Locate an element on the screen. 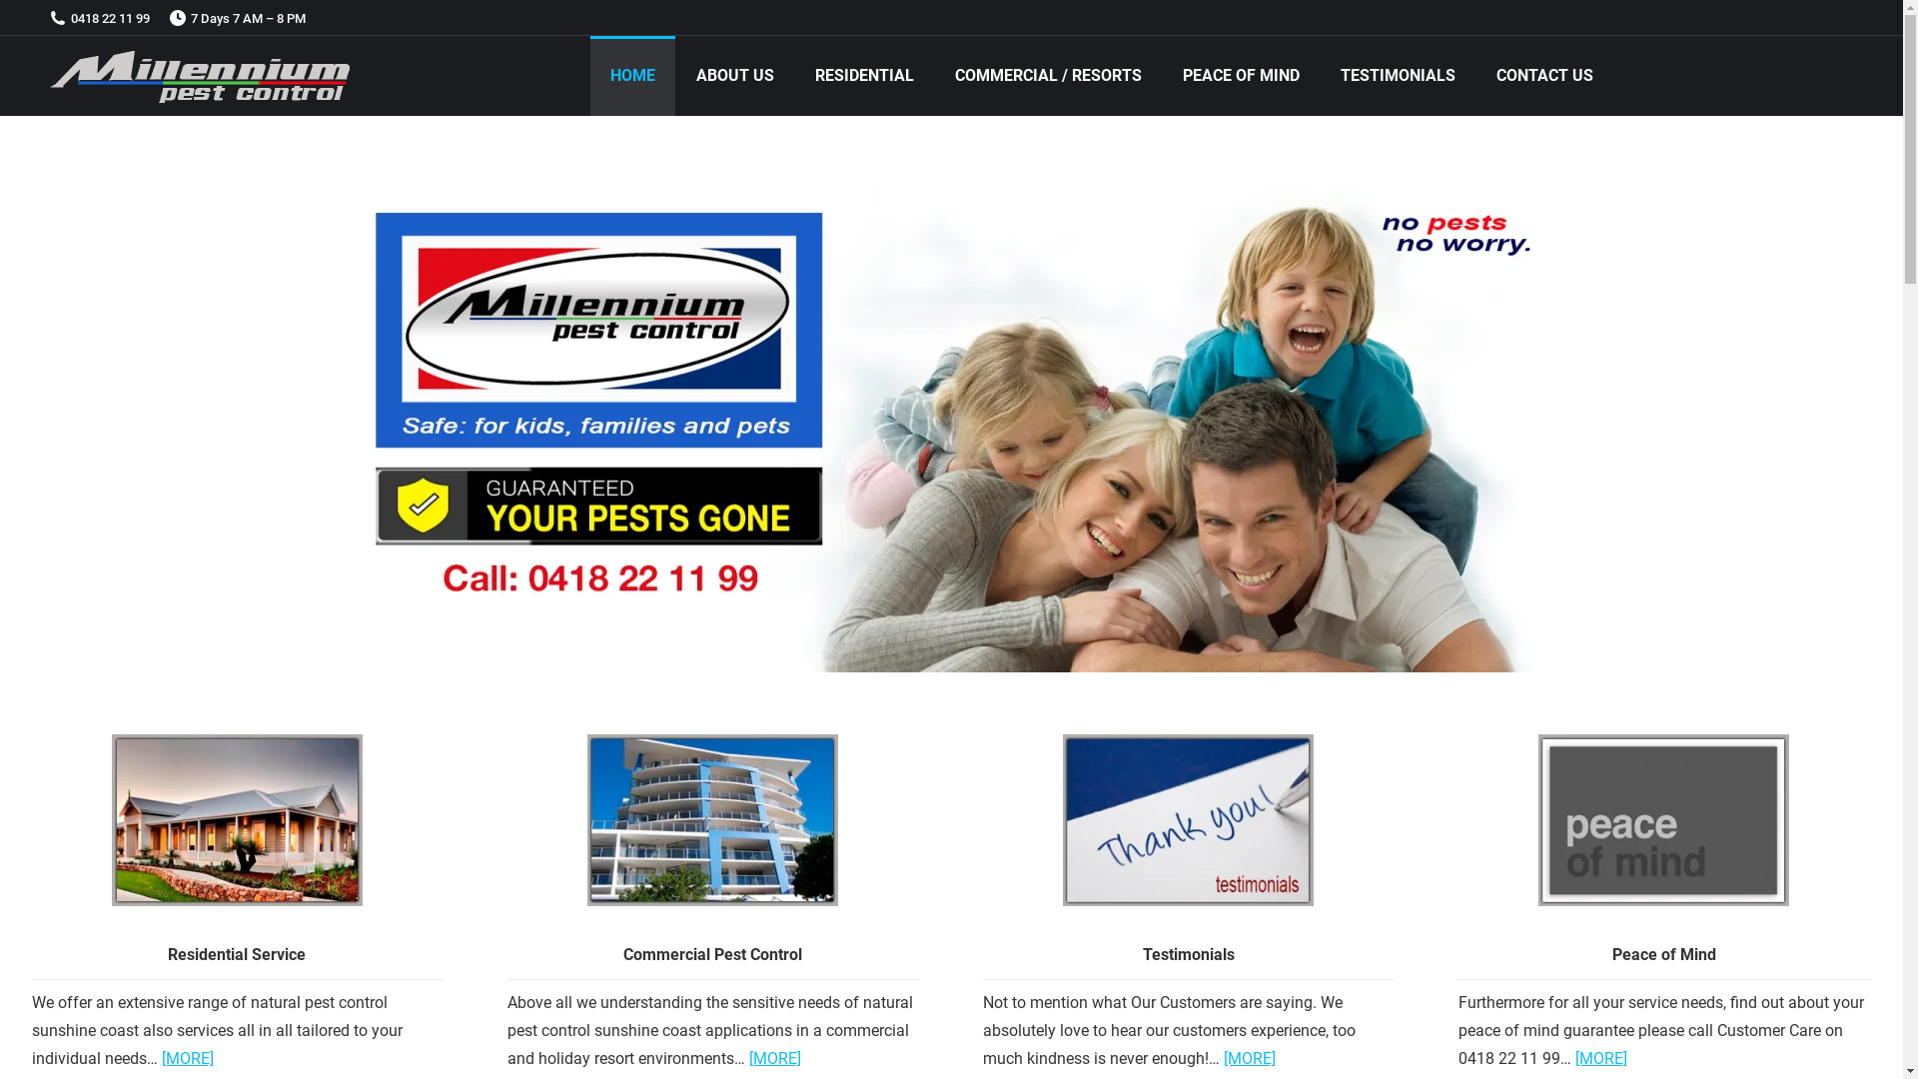  'CONTACT US' is located at coordinates (1543, 75).